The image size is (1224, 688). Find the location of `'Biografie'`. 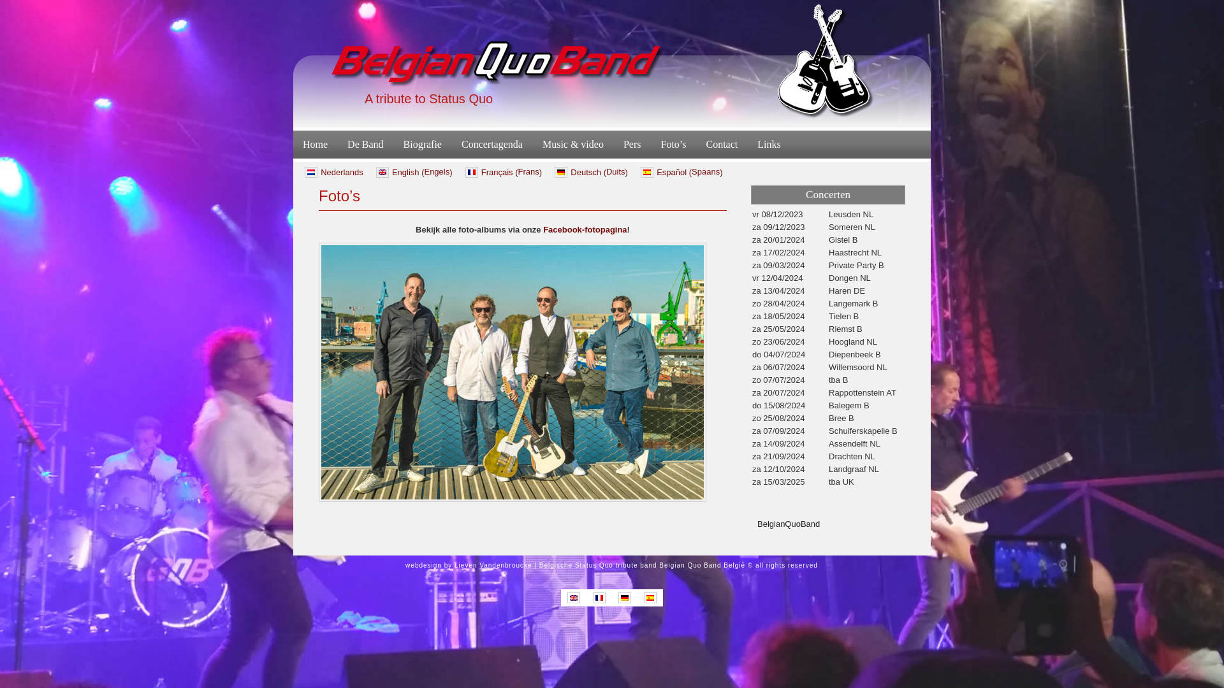

'Biografie' is located at coordinates (393, 144).